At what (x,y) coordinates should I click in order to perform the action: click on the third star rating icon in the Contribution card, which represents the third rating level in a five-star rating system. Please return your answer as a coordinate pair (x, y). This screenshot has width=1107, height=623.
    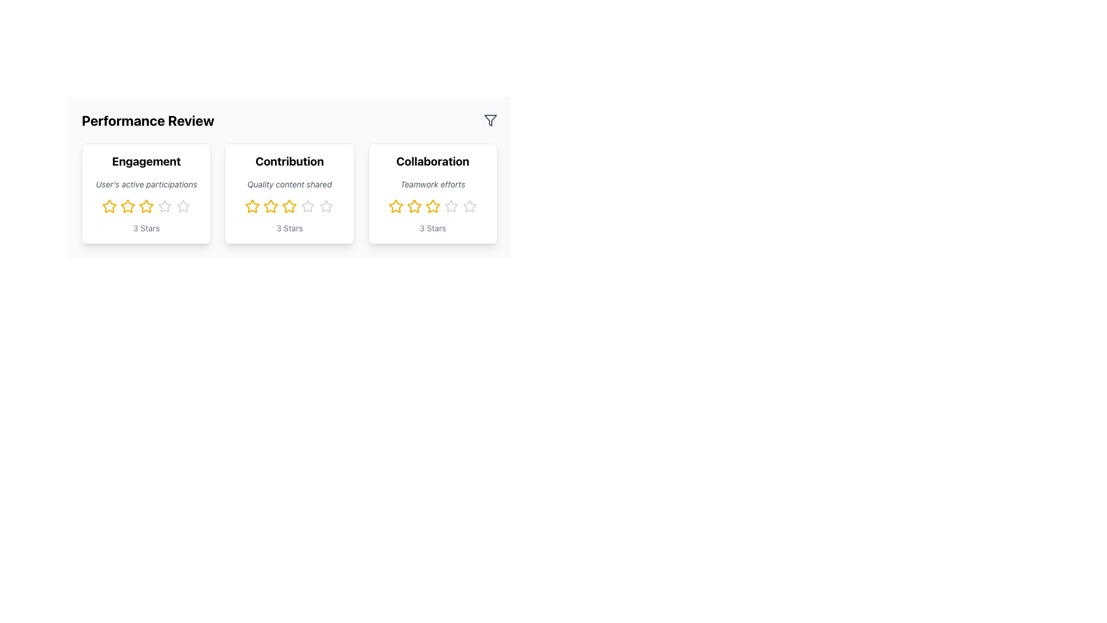
    Looking at the image, I should click on (308, 205).